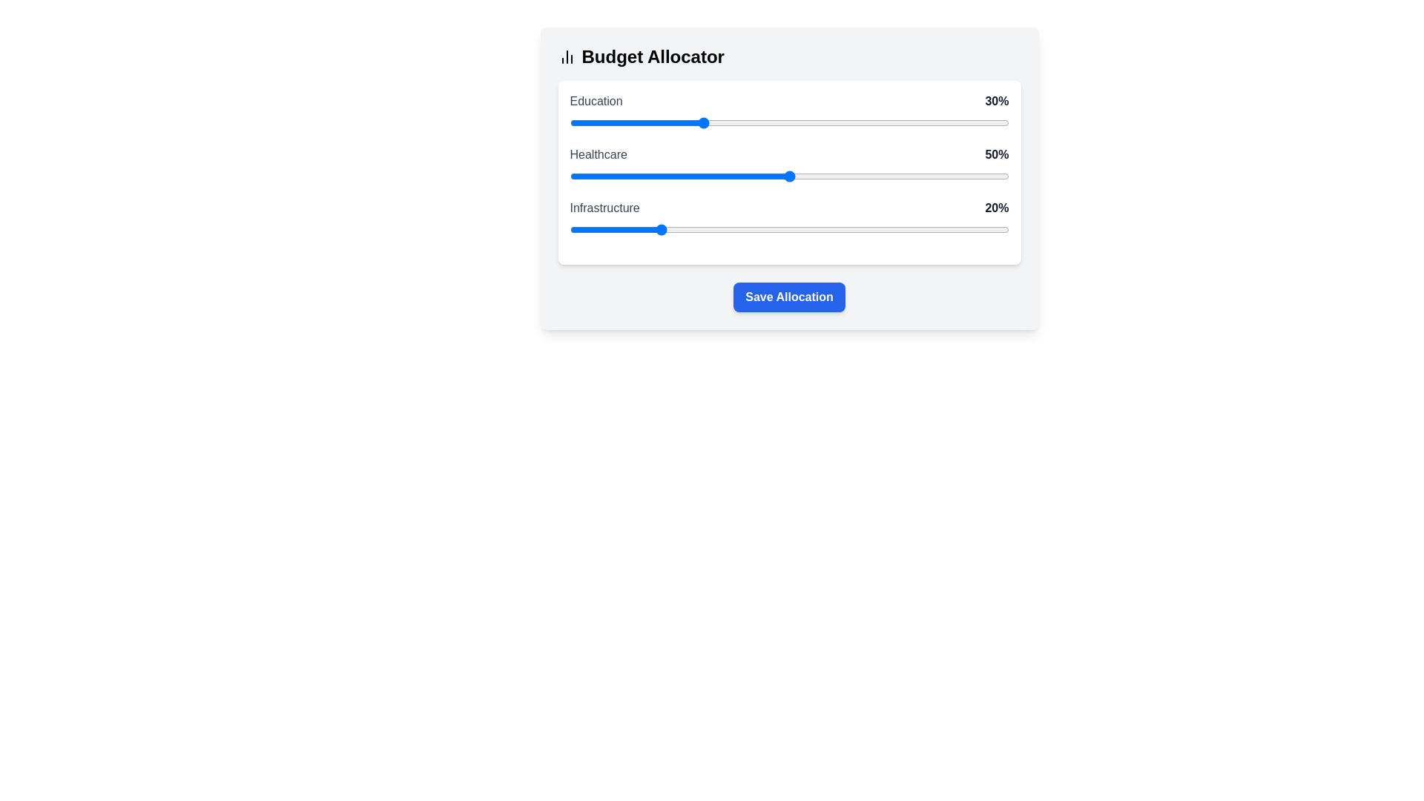 This screenshot has width=1424, height=801. I want to click on the education allocation, so click(600, 122).